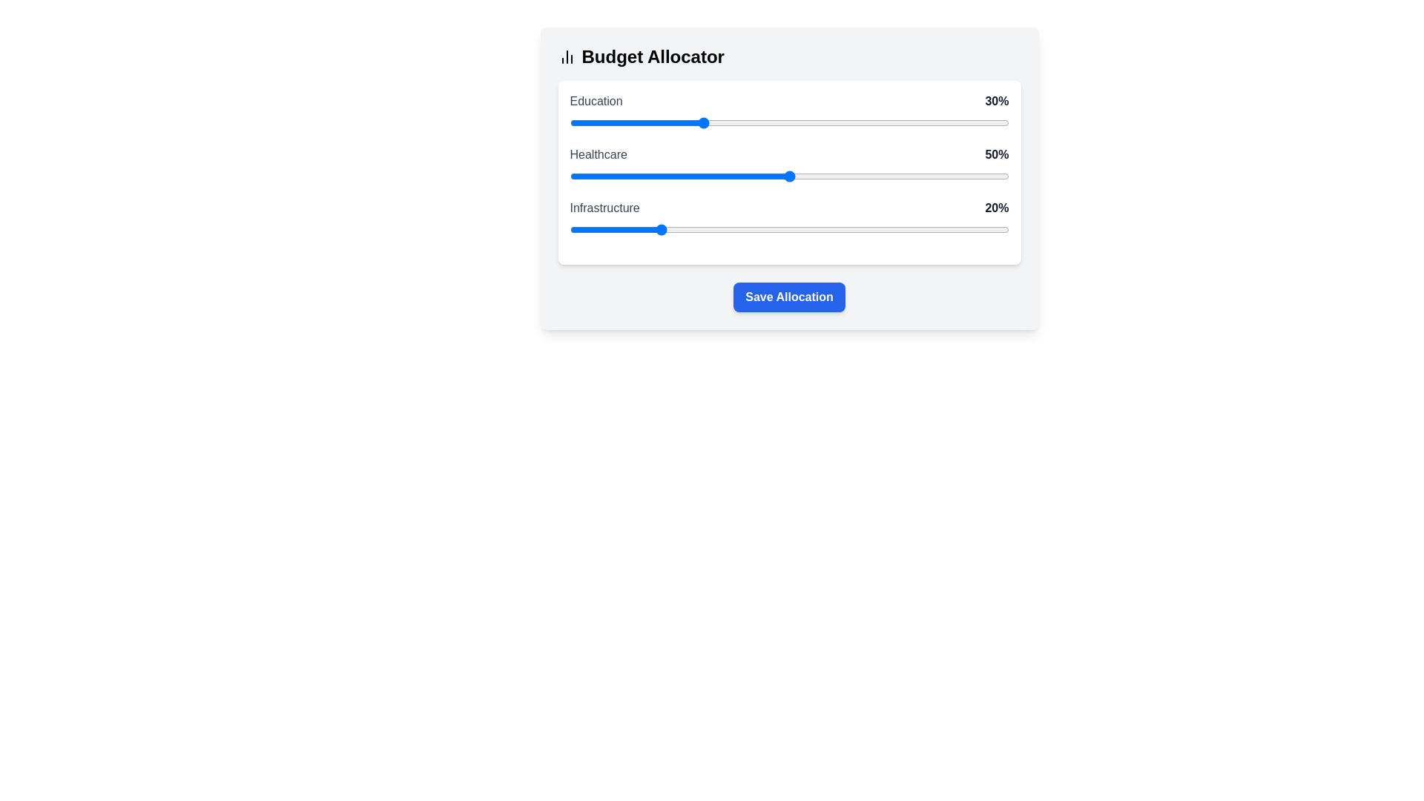 This screenshot has width=1424, height=801. I want to click on the education allocation, so click(600, 122).